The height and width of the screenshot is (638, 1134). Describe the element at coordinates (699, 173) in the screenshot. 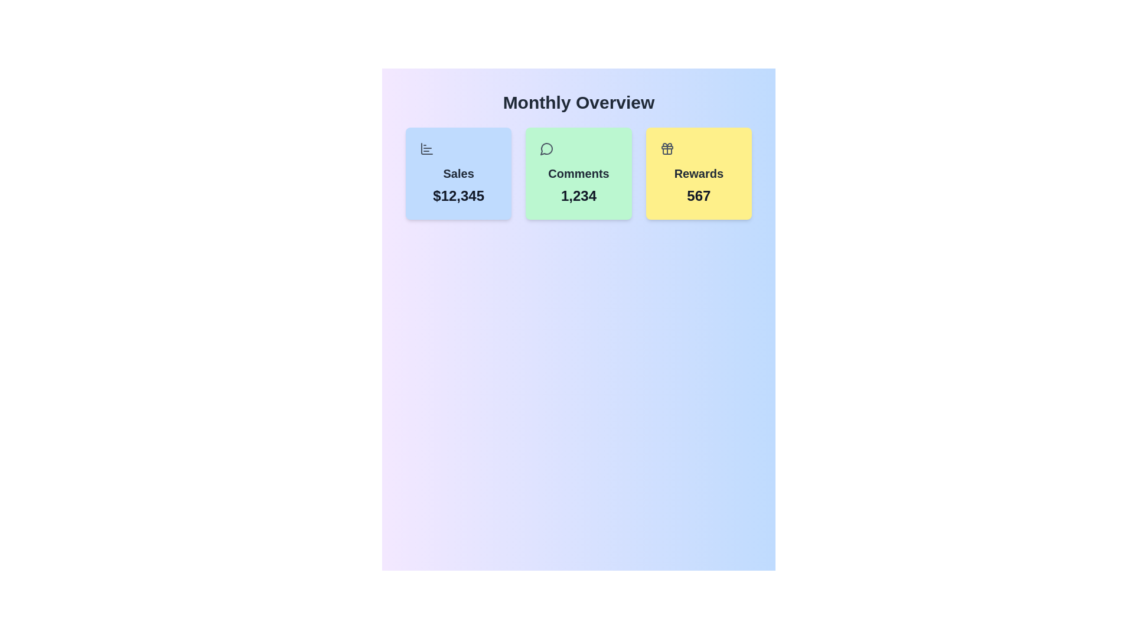

I see `the 'Rewards' text label, which is bold, large, and gray against a yellow background, located centrally in the rightmost card under the 'Monthly Overview' heading` at that location.